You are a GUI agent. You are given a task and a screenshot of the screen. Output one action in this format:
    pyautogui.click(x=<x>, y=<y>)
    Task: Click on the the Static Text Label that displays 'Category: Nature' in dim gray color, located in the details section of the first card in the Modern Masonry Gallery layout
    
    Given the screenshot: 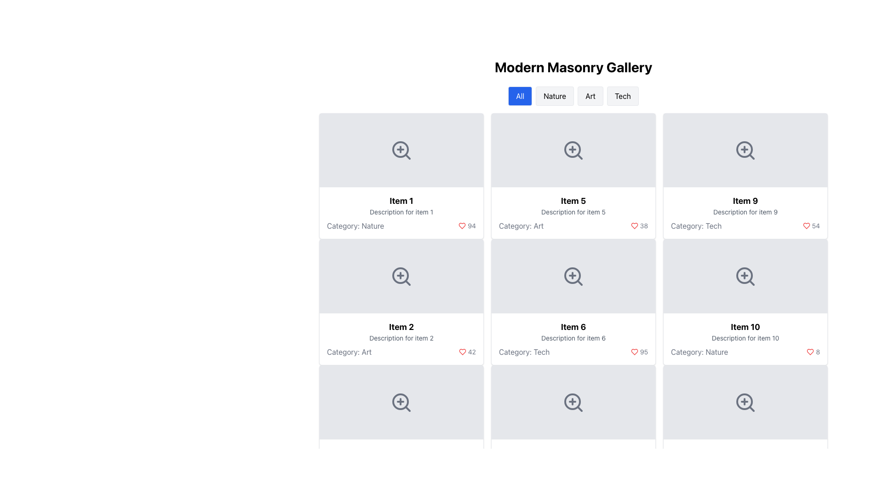 What is the action you would take?
    pyautogui.click(x=355, y=225)
    